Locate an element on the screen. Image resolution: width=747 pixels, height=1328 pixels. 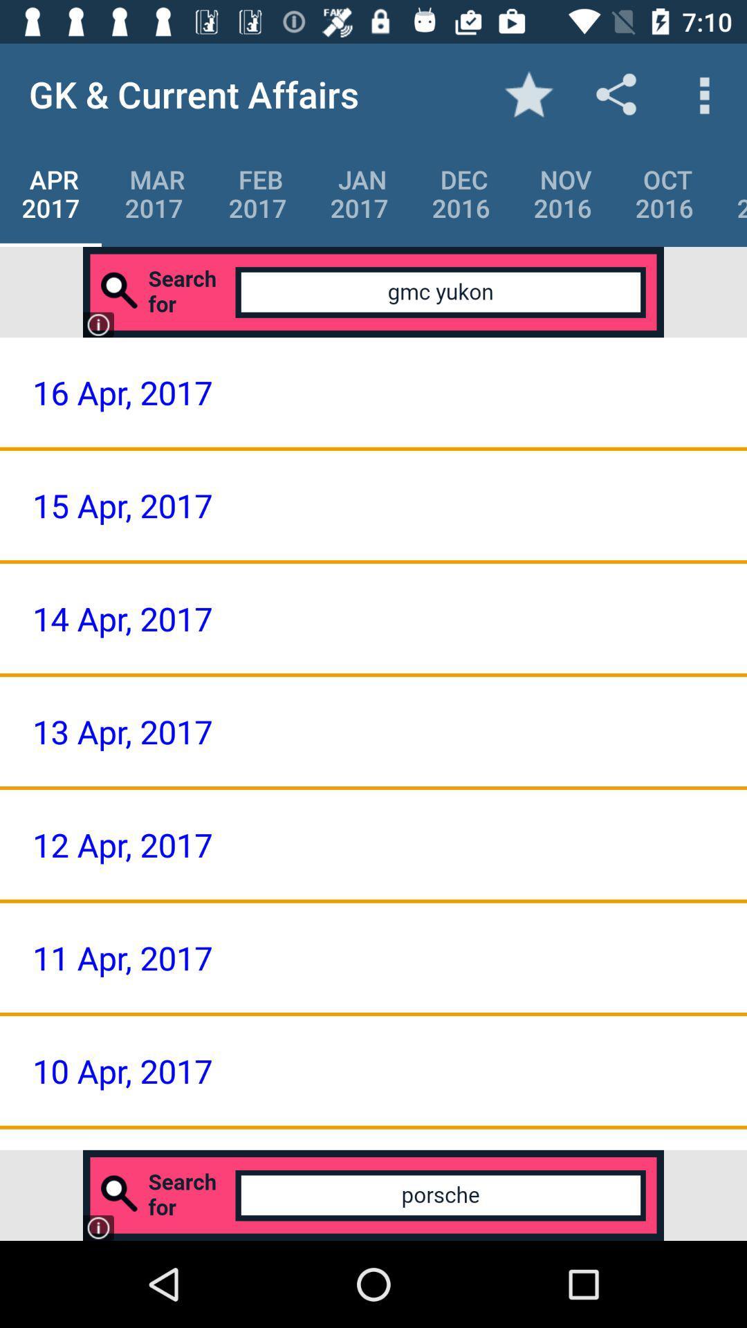
jan is located at coordinates (358, 193).